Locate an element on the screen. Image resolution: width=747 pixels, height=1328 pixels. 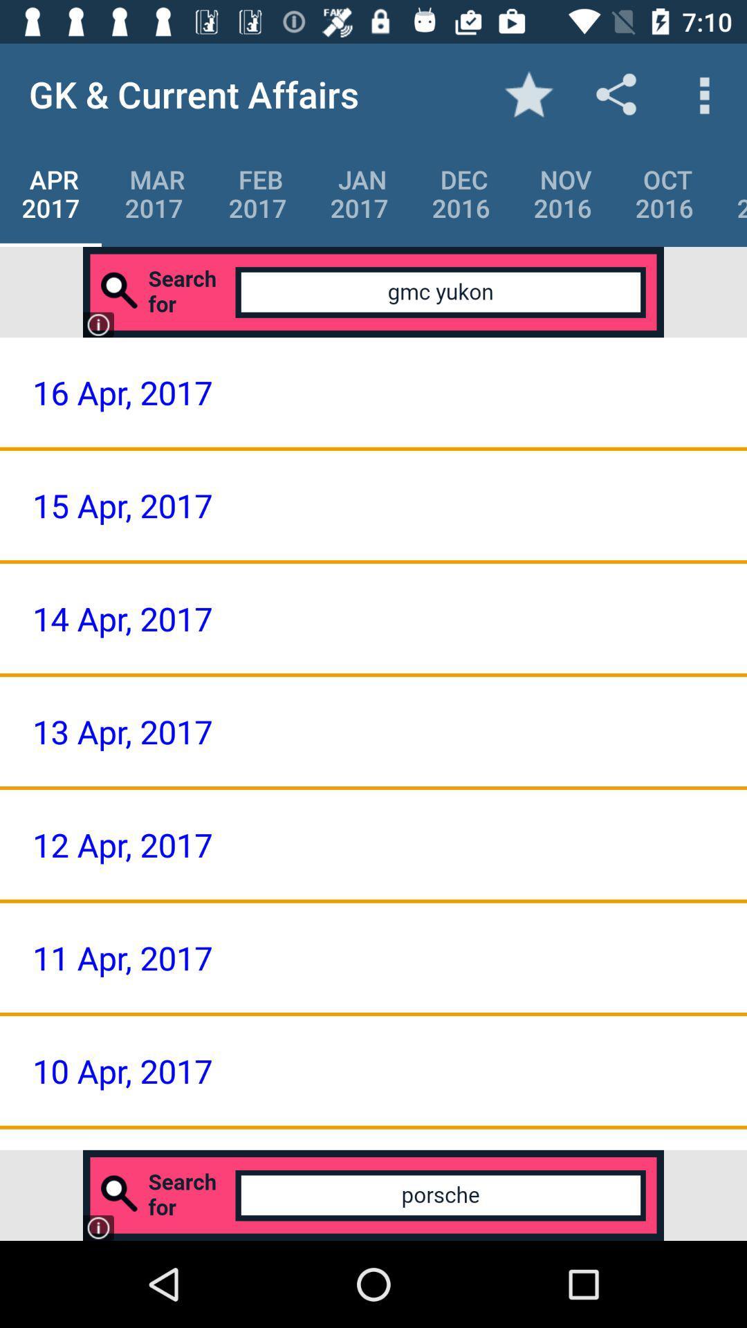
jan is located at coordinates (358, 193).